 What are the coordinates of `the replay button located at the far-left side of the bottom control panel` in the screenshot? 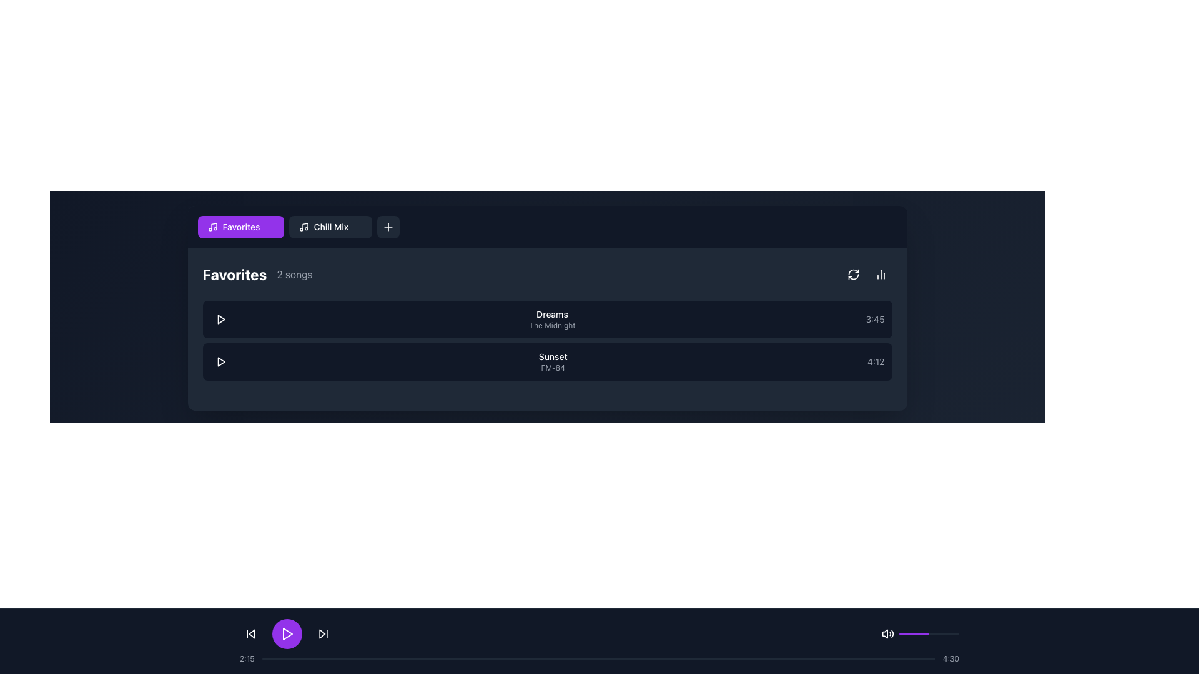 It's located at (250, 633).